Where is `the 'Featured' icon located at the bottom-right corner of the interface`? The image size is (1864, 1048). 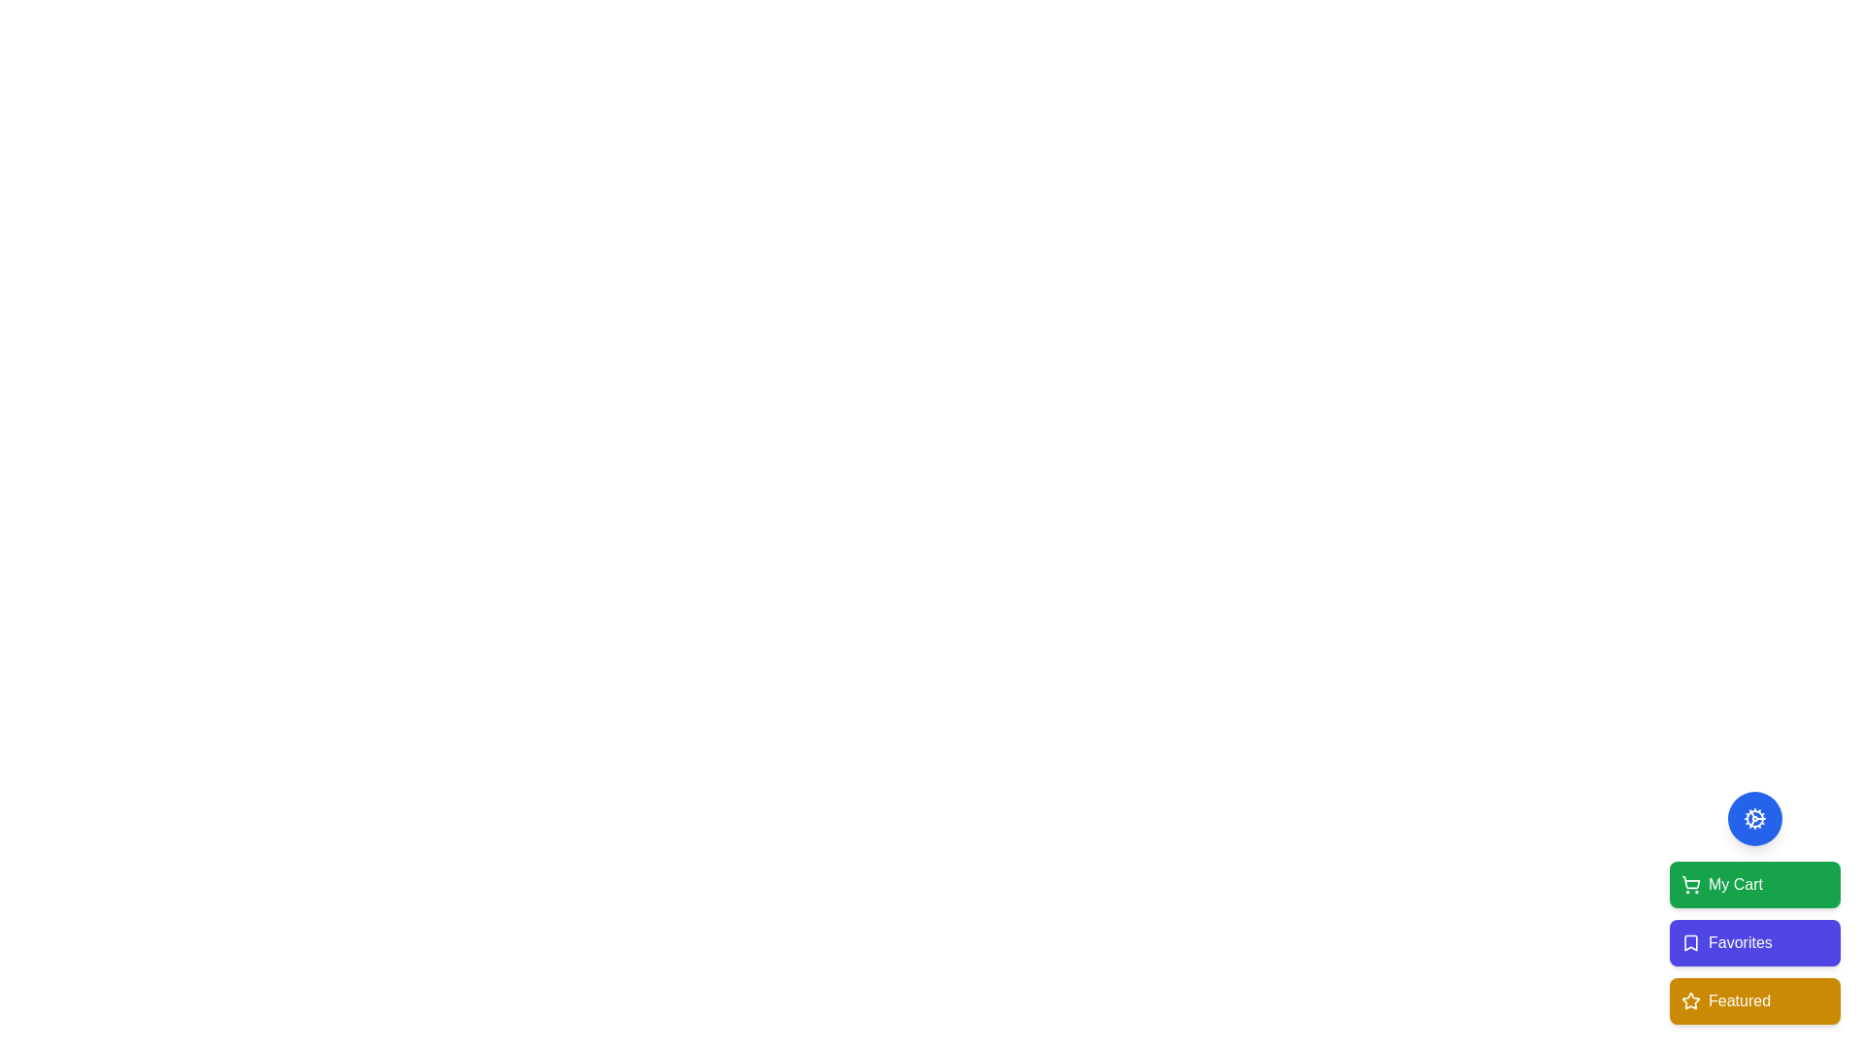
the 'Featured' icon located at the bottom-right corner of the interface is located at coordinates (1690, 1000).